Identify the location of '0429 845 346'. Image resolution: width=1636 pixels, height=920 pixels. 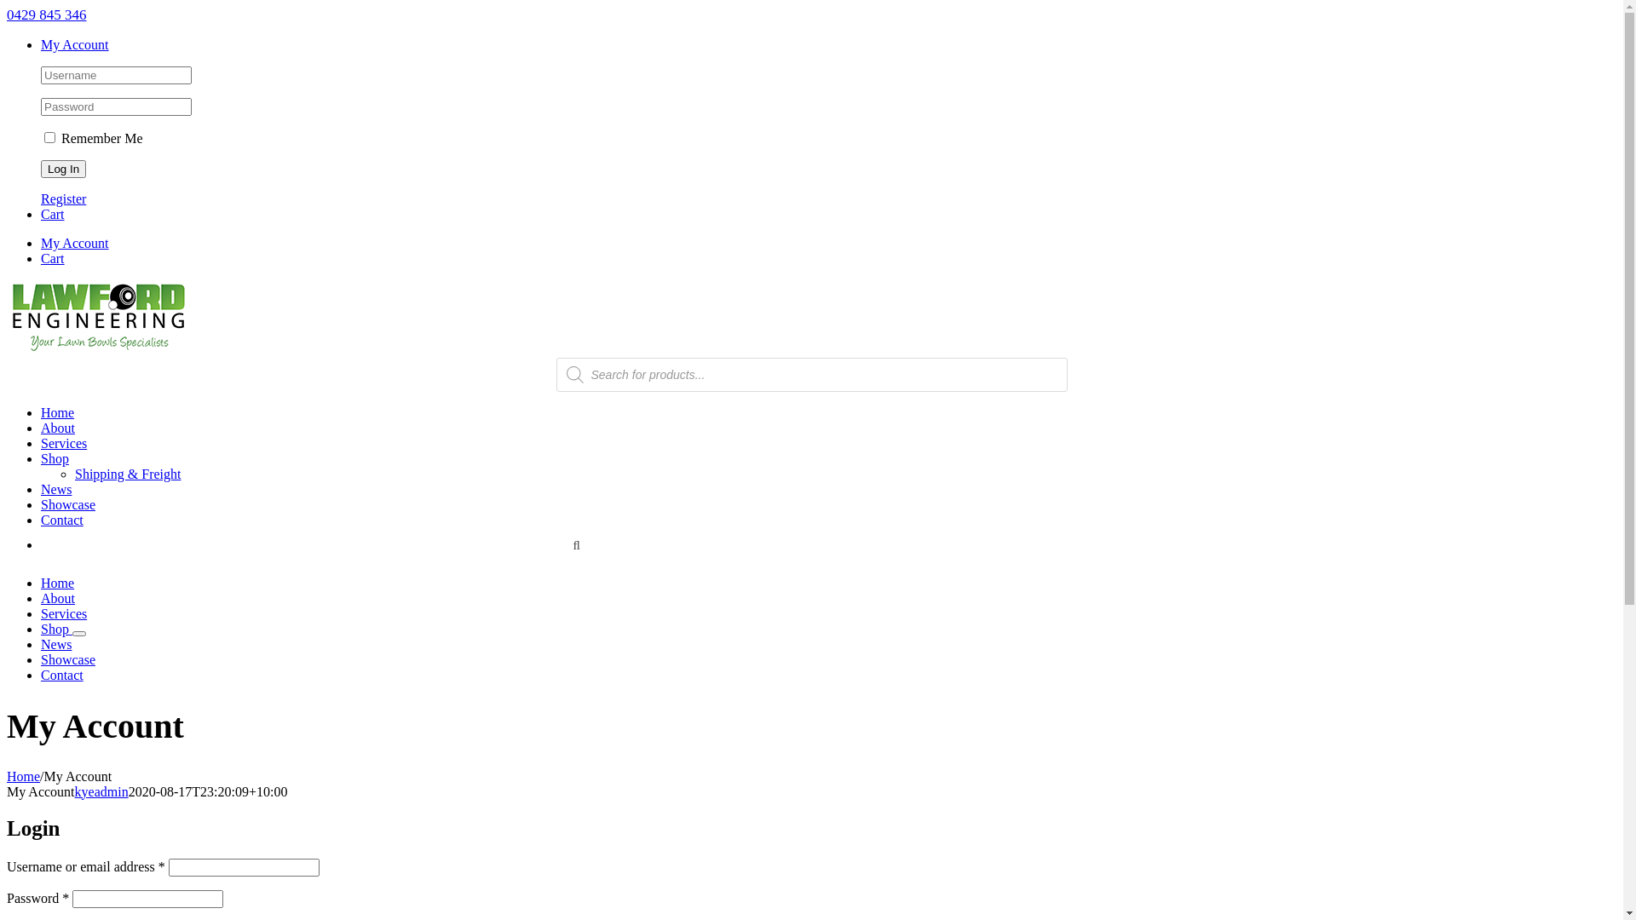
(46, 14).